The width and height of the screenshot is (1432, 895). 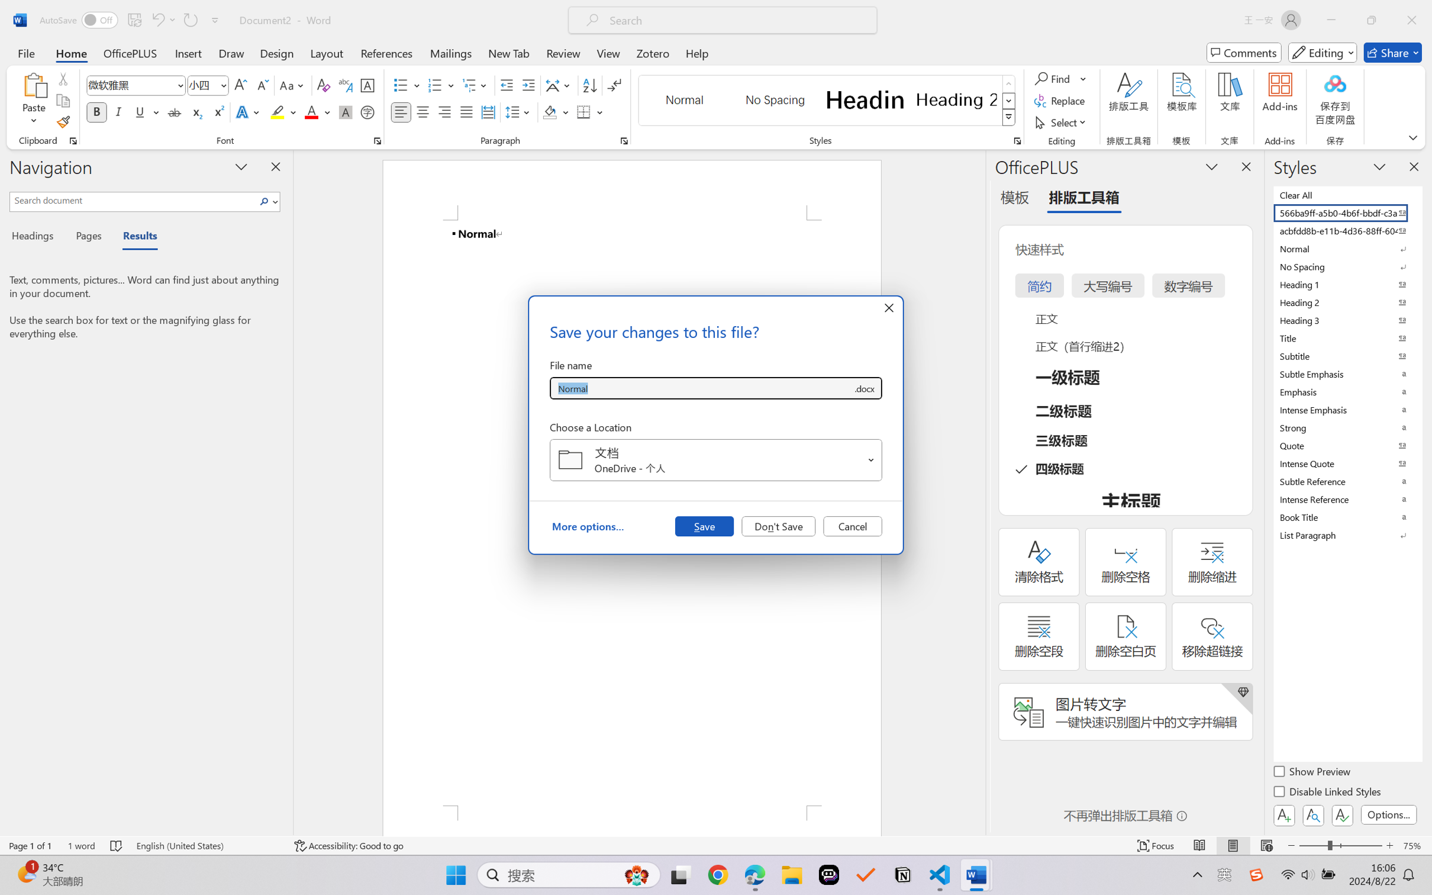 I want to click on 'Intense Reference', so click(x=1346, y=499).